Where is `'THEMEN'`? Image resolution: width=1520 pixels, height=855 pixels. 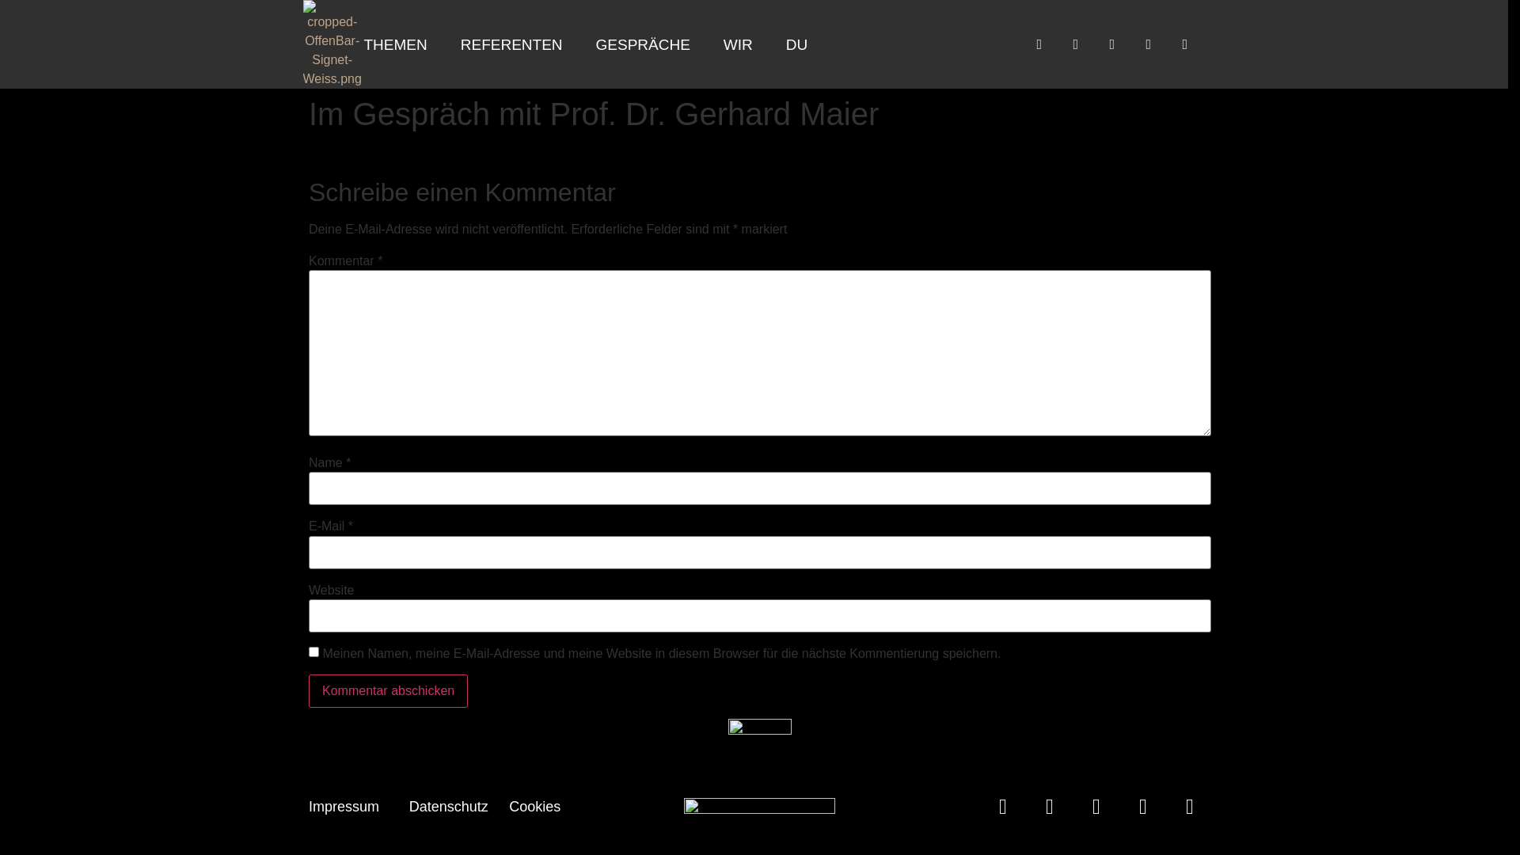
'THEMEN' is located at coordinates (348, 44).